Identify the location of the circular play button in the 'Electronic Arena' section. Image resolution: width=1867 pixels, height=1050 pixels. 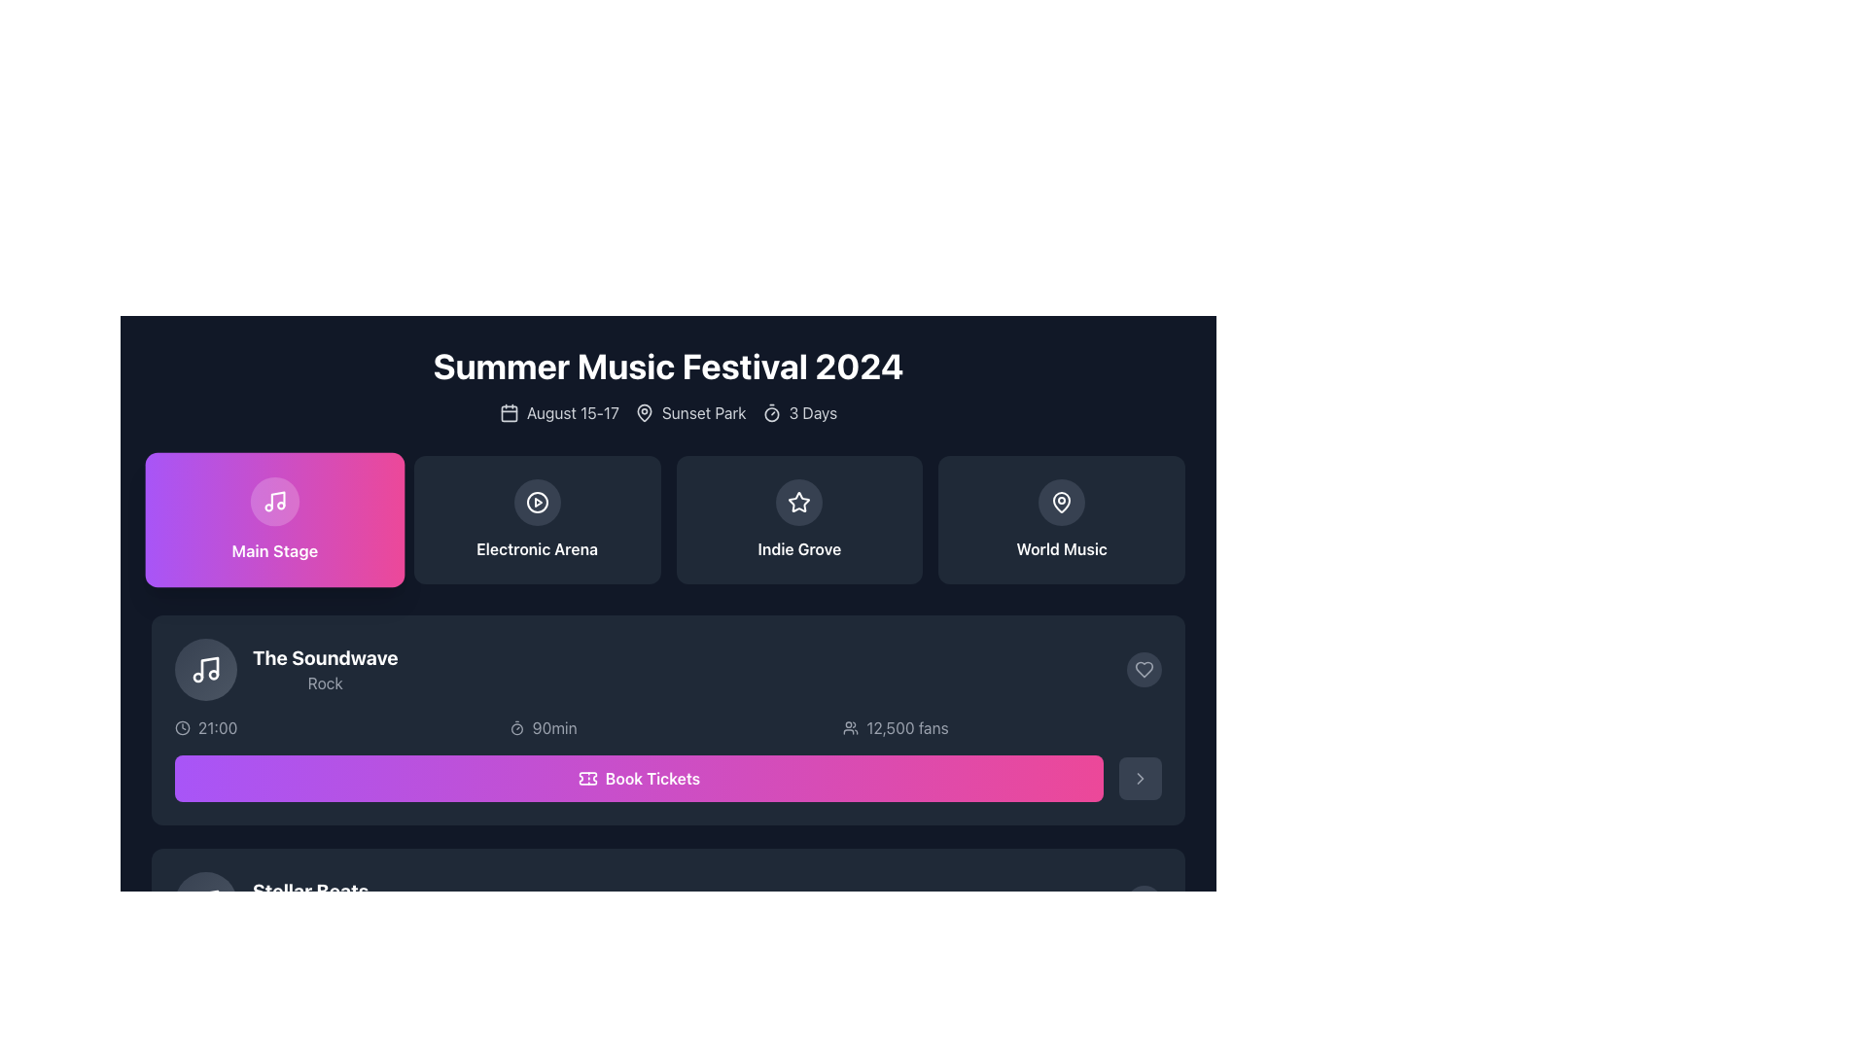
(537, 501).